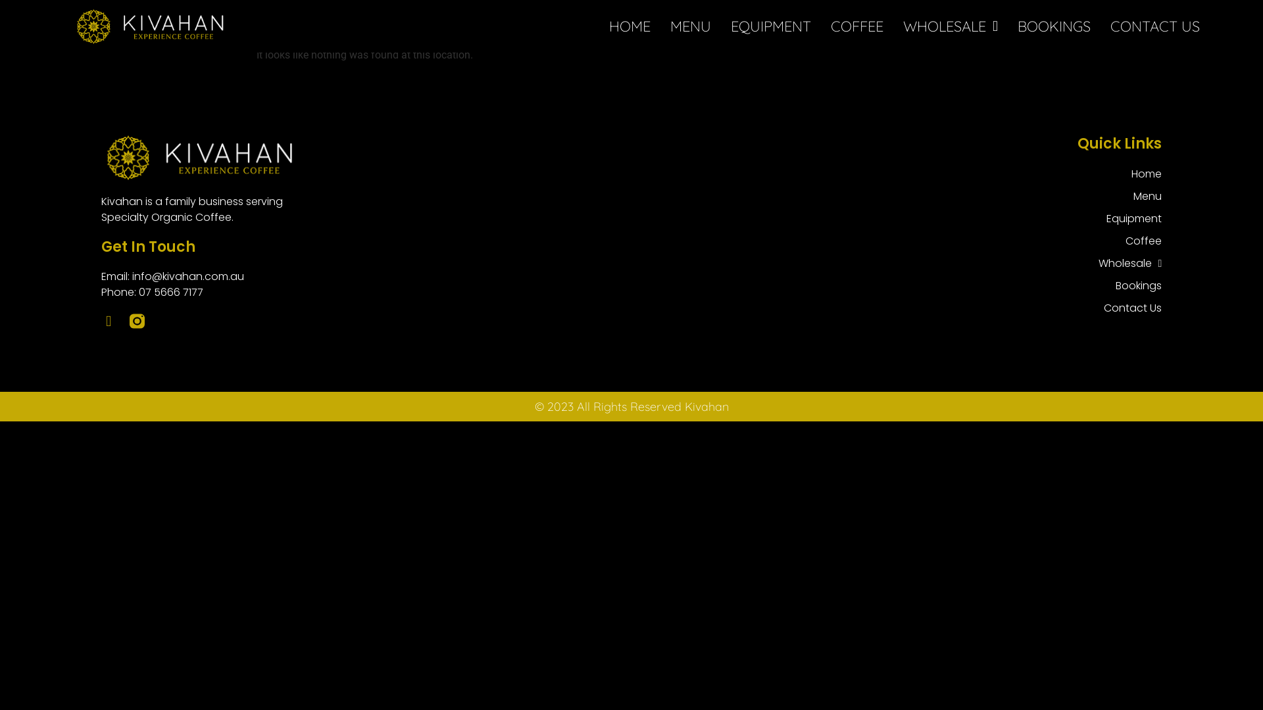 The image size is (1263, 710). Describe the element at coordinates (770, 26) in the screenshot. I see `'EQUIPMENT'` at that location.